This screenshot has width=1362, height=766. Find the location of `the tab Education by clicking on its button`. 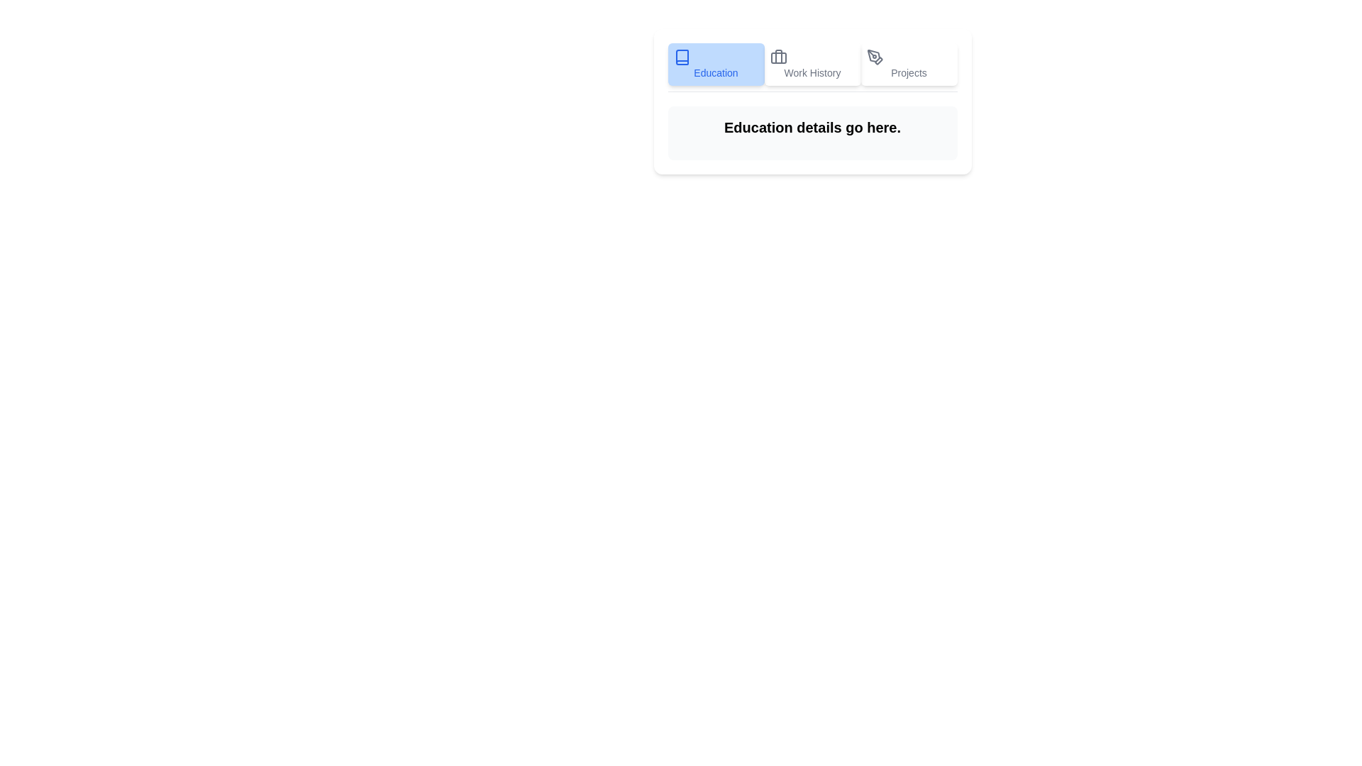

the tab Education by clicking on its button is located at coordinates (716, 65).